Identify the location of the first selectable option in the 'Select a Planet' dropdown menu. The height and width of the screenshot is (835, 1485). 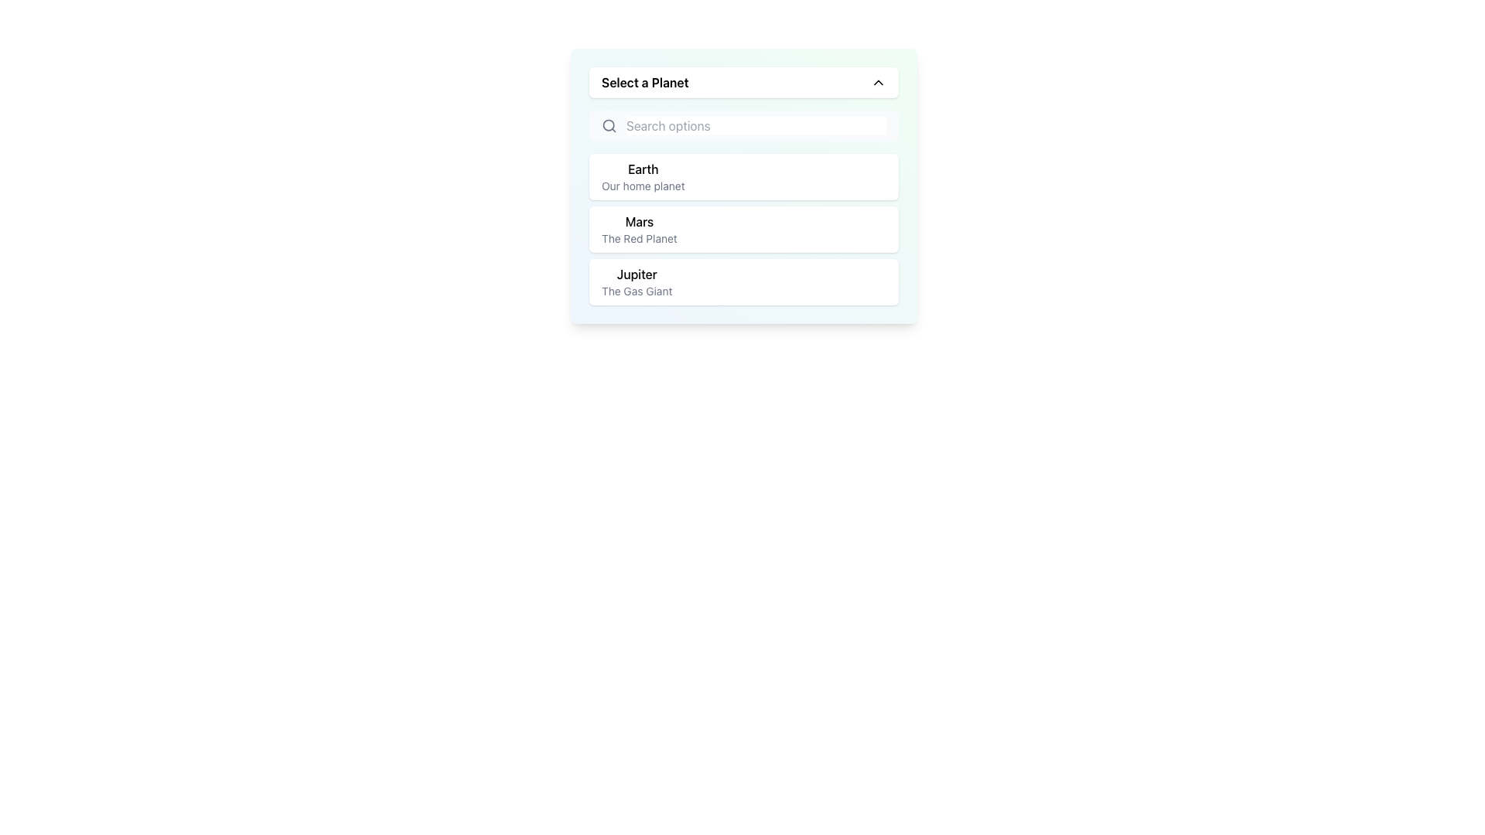
(743, 185).